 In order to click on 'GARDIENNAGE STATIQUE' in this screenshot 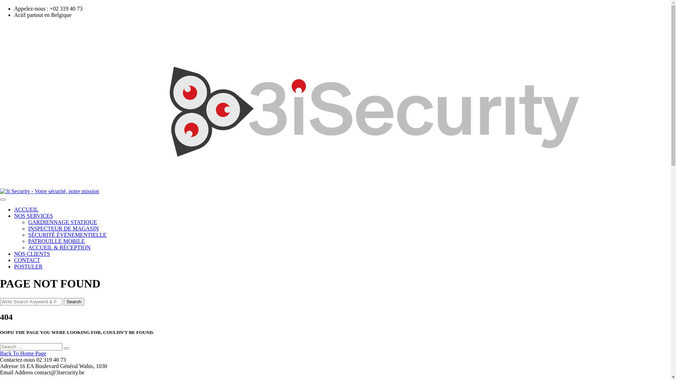, I will do `click(62, 222)`.